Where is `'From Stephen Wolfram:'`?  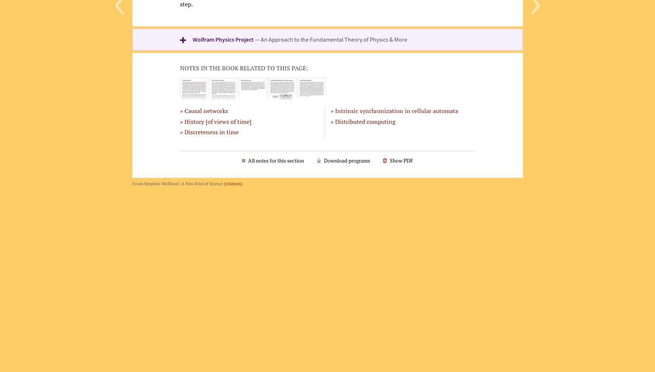 'From Stephen Wolfram:' is located at coordinates (156, 183).